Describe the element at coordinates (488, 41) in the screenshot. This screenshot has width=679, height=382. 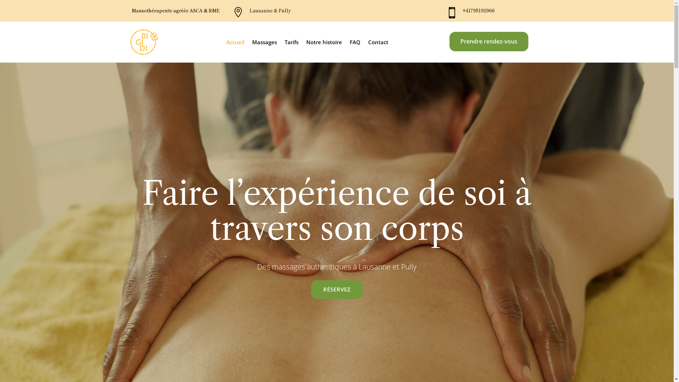
I see `'Prendre rendez-vous'` at that location.